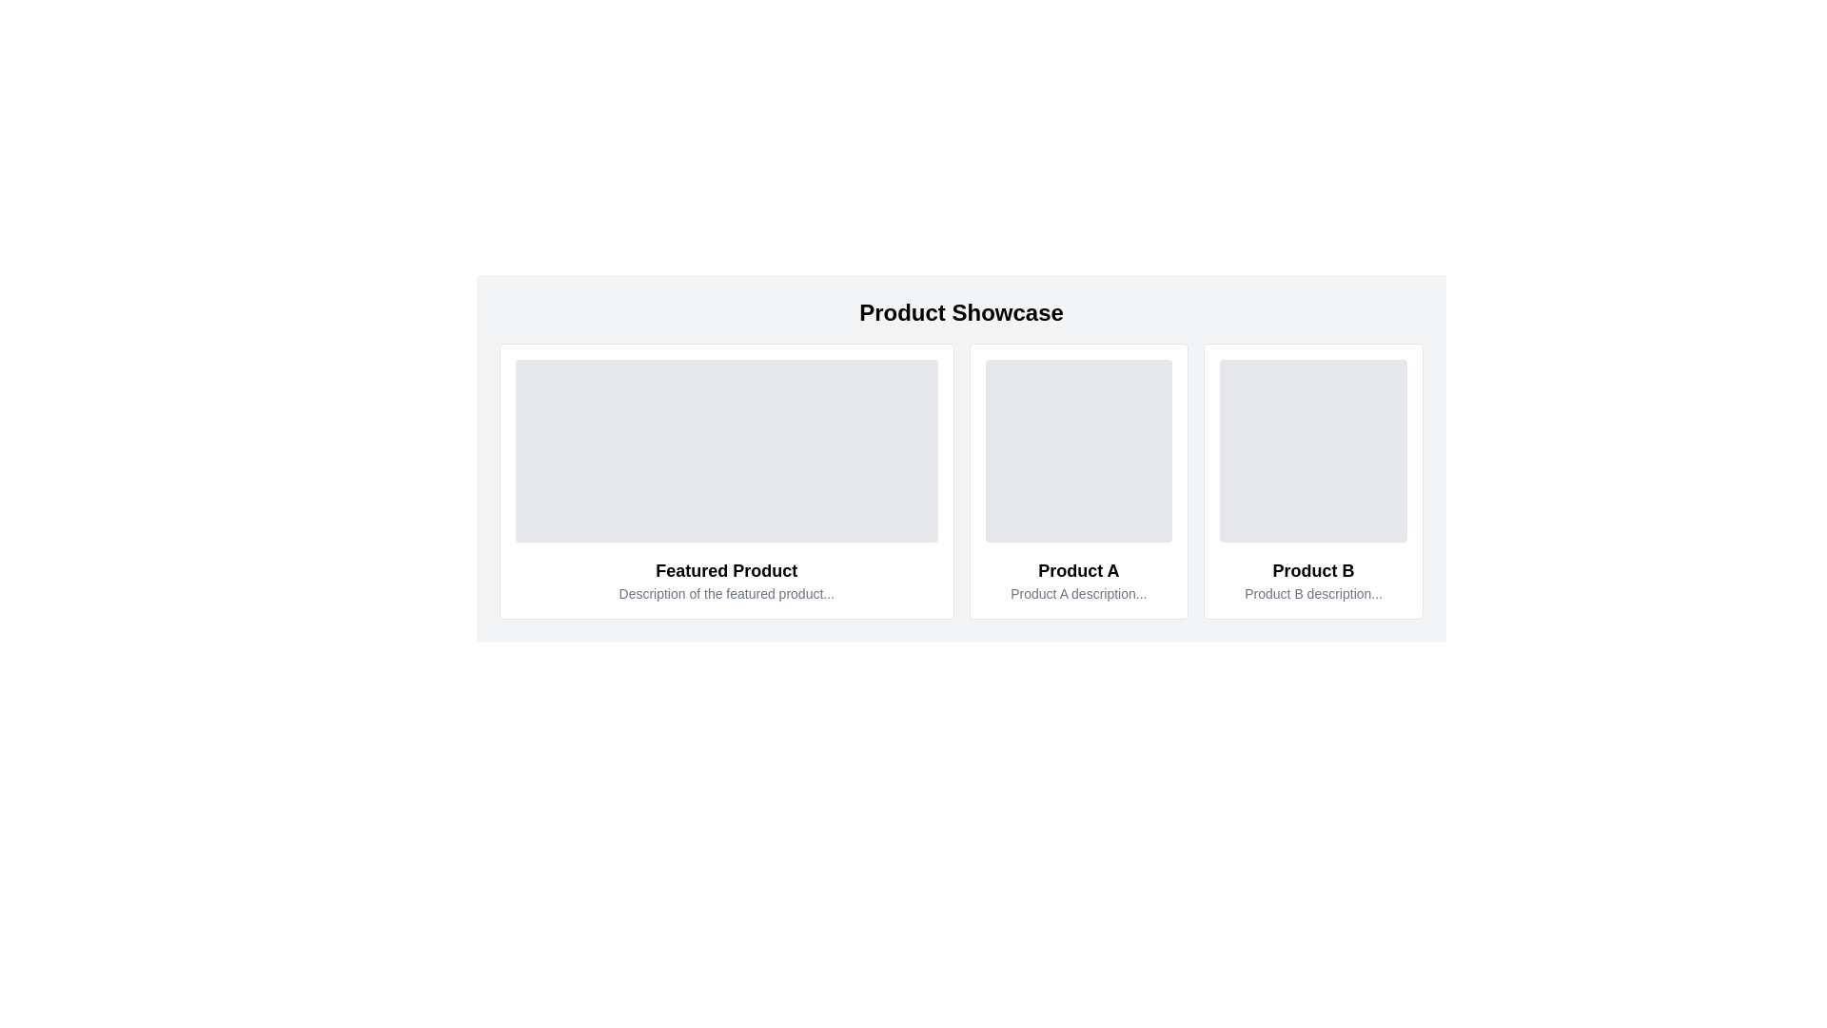  I want to click on the Text label that acts as the title of the product in the leftmost card of the grid layout, located below the gray image placeholder and above the smaller descriptive text, so click(725, 570).